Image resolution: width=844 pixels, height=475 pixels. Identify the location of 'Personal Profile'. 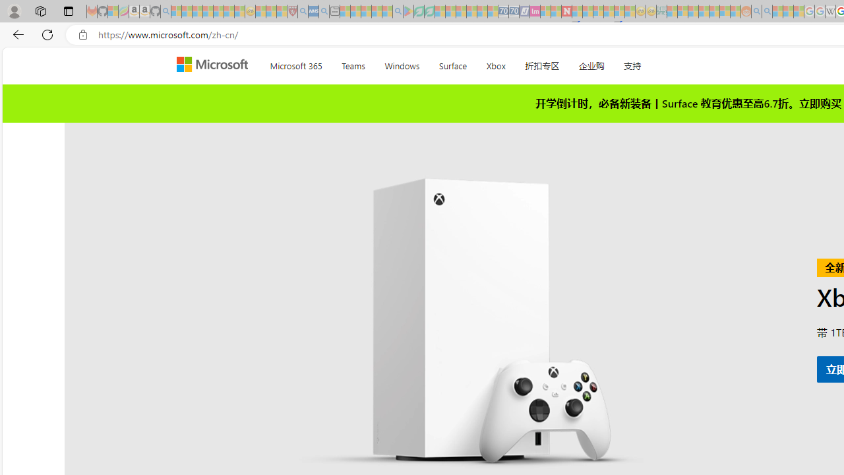
(14, 11).